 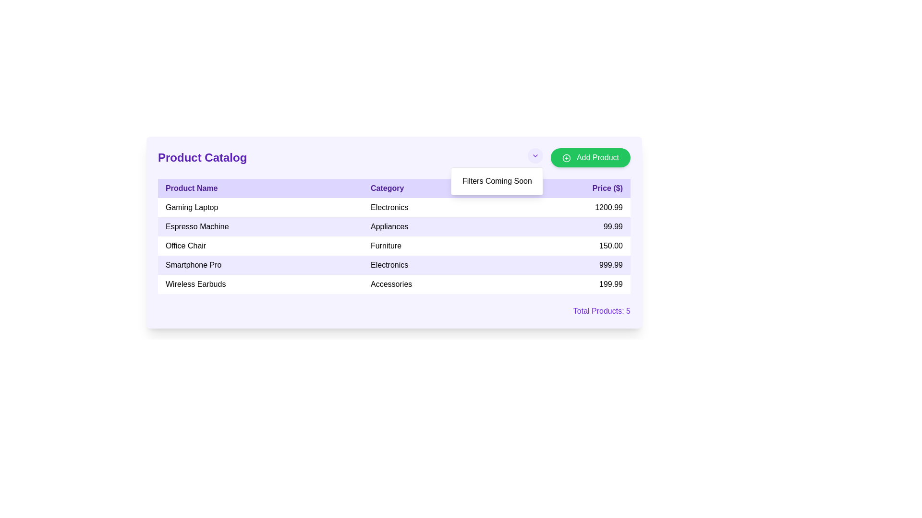 I want to click on the purple chevron-down icon located in the top-right section of the content area, which is positioned to the left of the 'Add Product' button and overlaps with a tooltip that reads 'Filters Coming Soon', so click(x=535, y=157).